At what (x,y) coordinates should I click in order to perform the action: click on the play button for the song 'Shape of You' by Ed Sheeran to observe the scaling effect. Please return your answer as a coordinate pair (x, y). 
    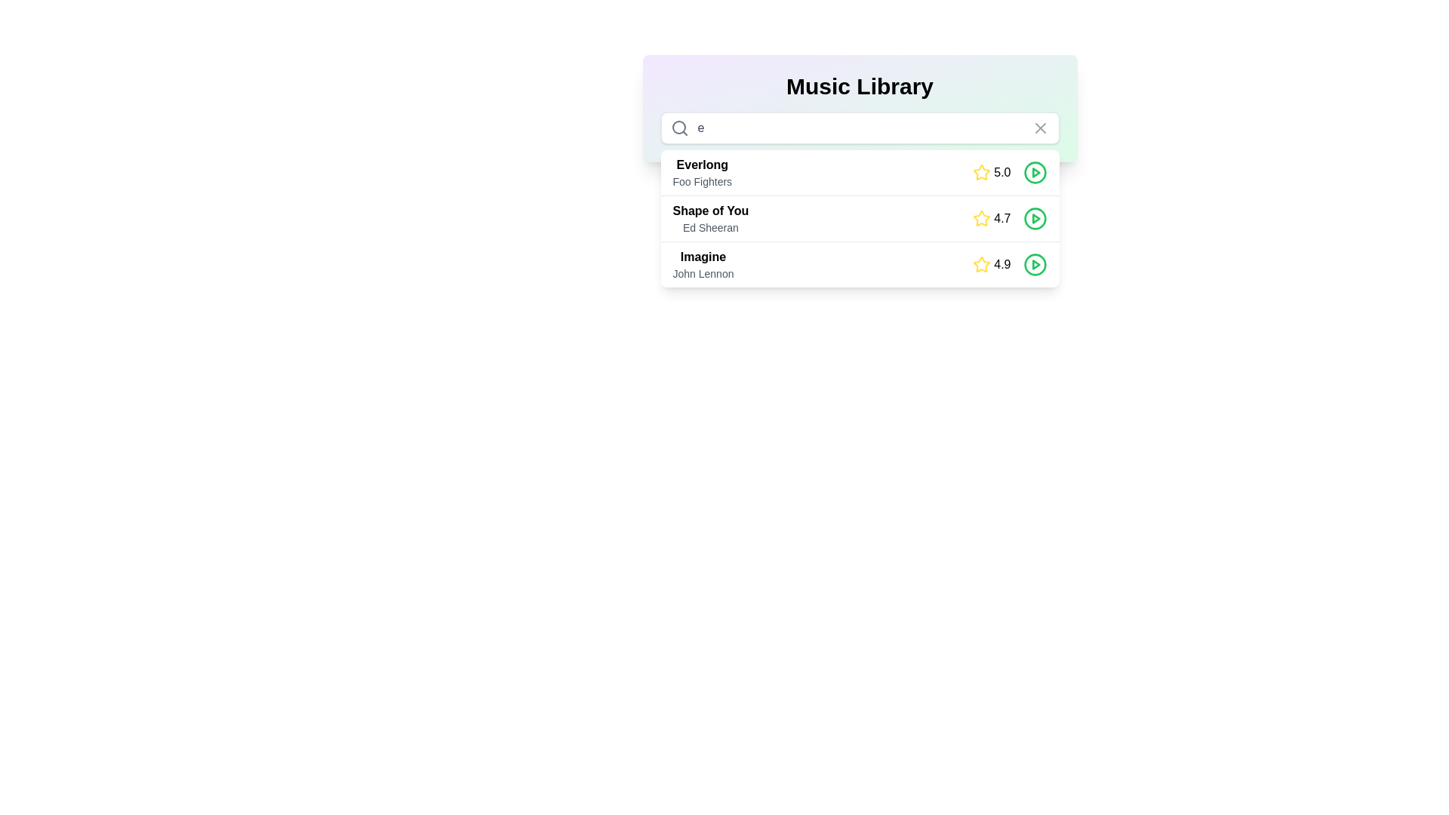
    Looking at the image, I should click on (1034, 218).